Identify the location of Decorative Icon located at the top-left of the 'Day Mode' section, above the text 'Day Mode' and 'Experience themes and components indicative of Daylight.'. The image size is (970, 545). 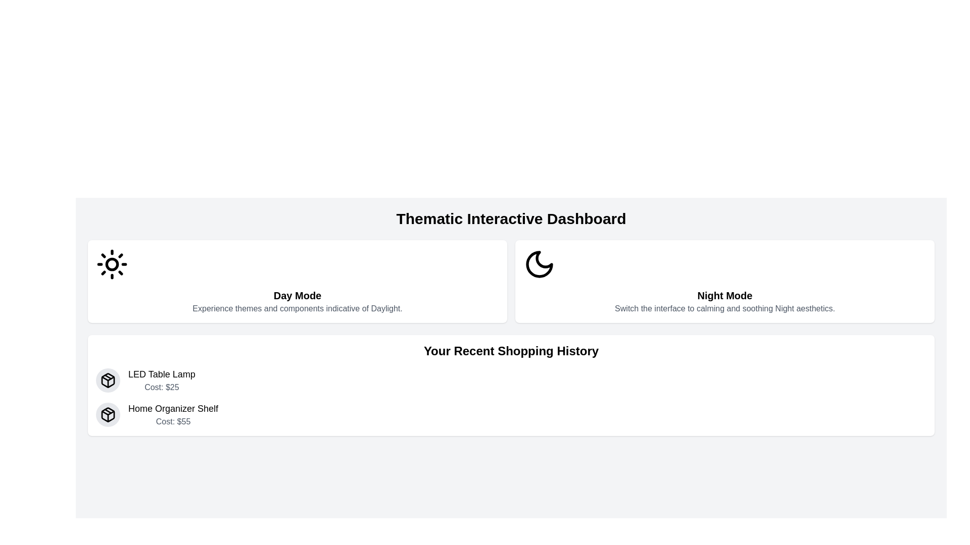
(112, 264).